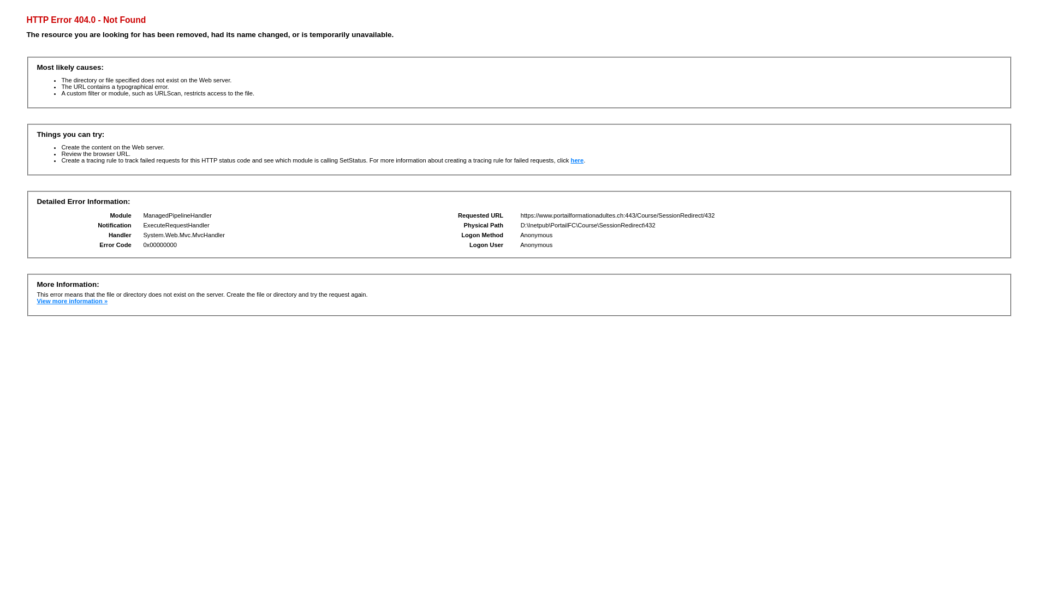 This screenshot has width=1048, height=589. What do you see at coordinates (576, 160) in the screenshot?
I see `'here'` at bounding box center [576, 160].